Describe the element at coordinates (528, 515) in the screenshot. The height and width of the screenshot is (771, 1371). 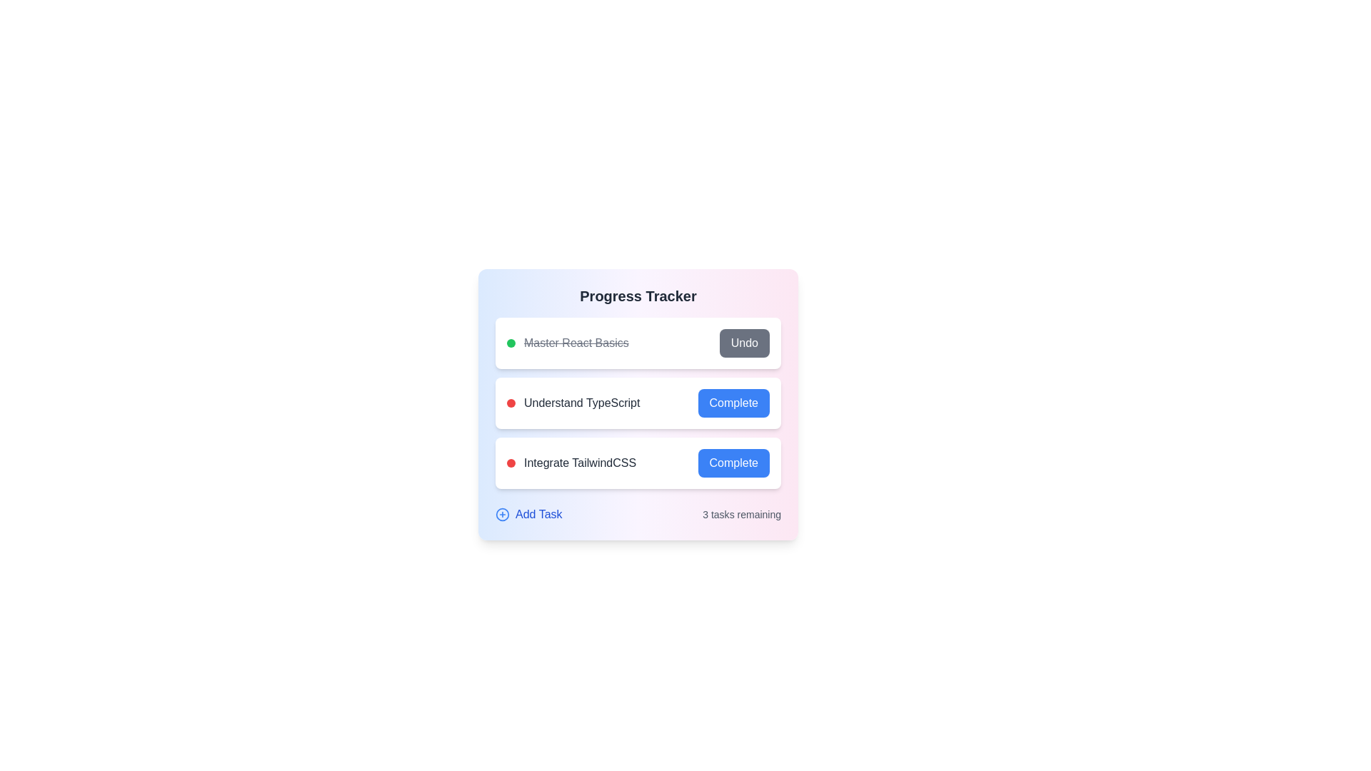
I see `the 'Add Task' button, which features a circular plus sign icon and bold blue text, located in the bottom-left section of the Progress Tracker interface` at that location.